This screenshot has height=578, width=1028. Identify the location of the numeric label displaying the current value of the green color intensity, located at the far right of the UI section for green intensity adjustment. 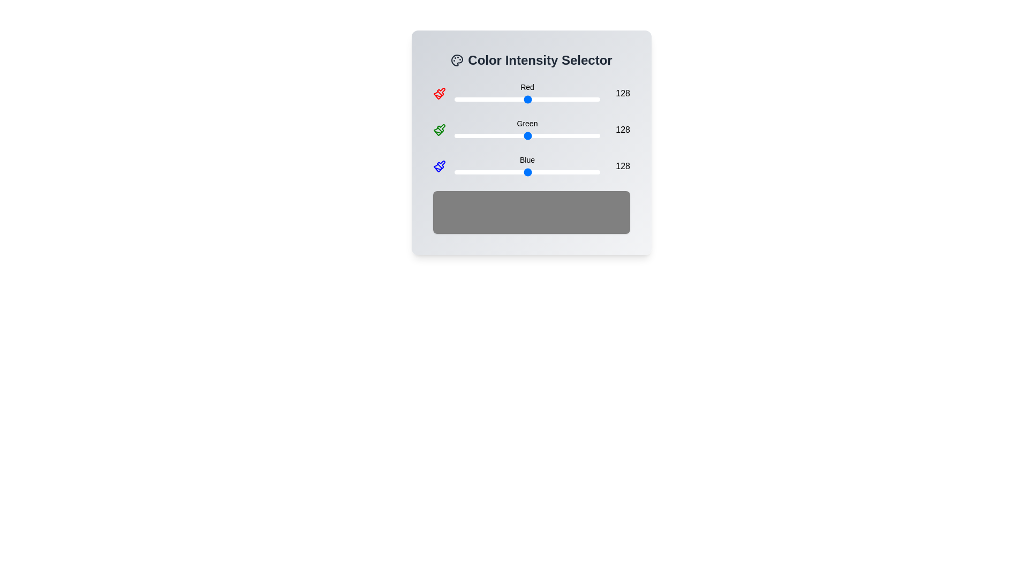
(619, 130).